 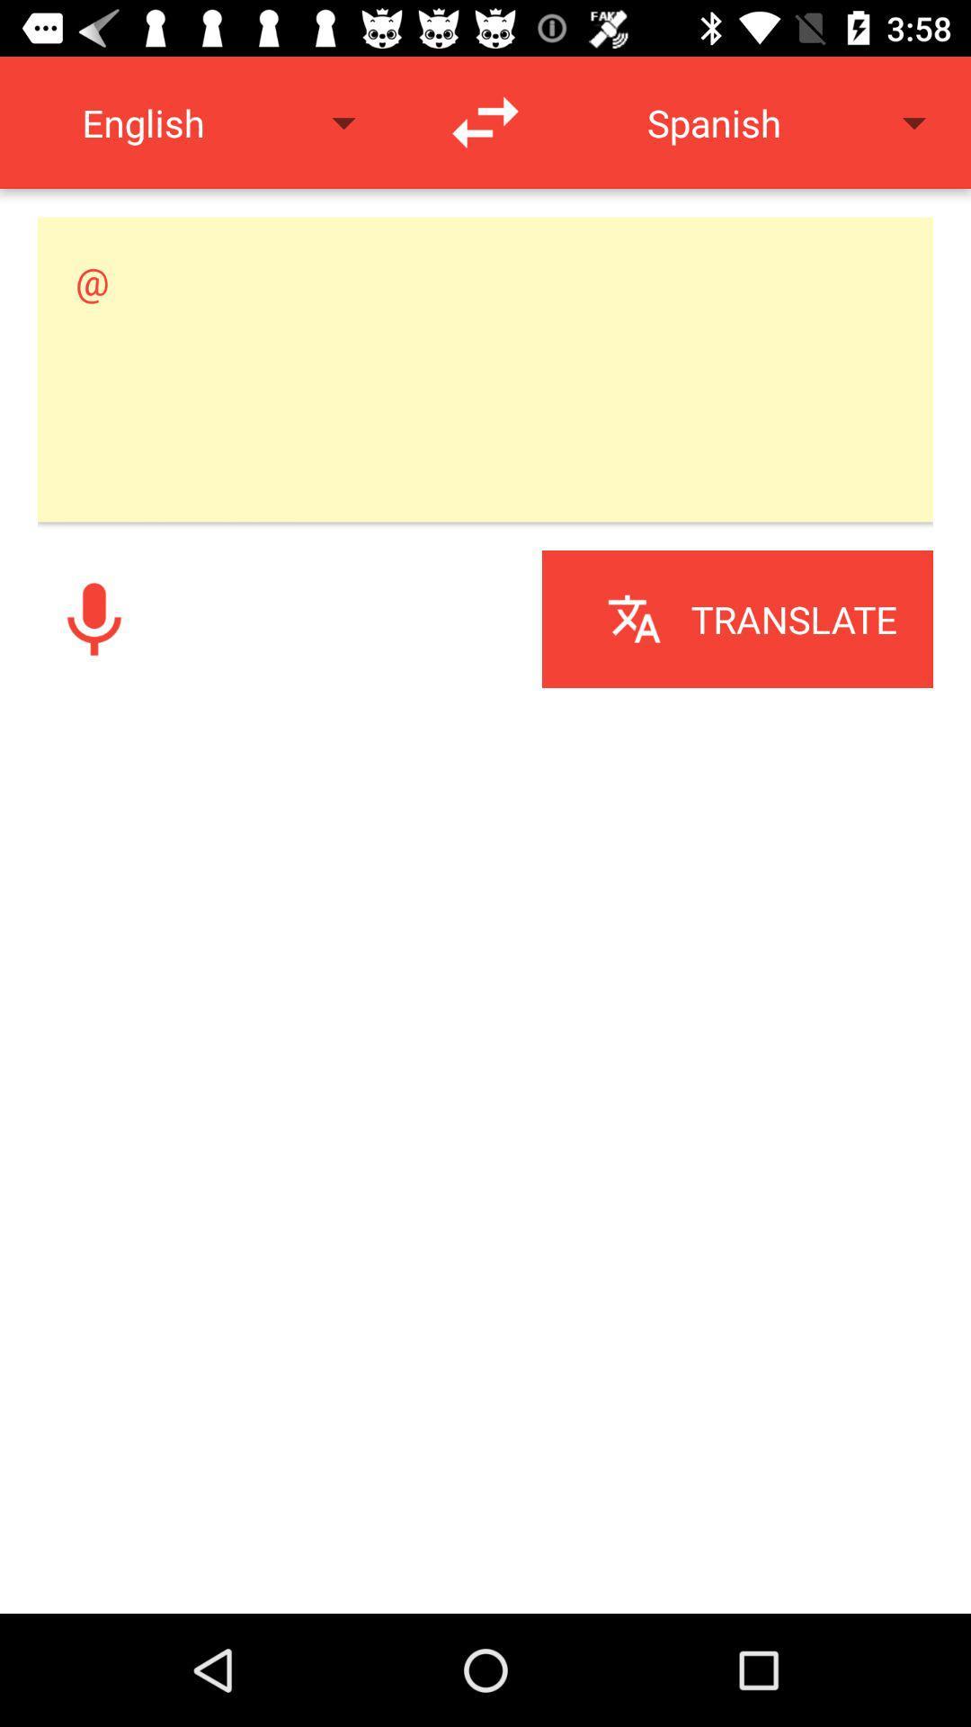 I want to click on swap languages, so click(x=485, y=121).